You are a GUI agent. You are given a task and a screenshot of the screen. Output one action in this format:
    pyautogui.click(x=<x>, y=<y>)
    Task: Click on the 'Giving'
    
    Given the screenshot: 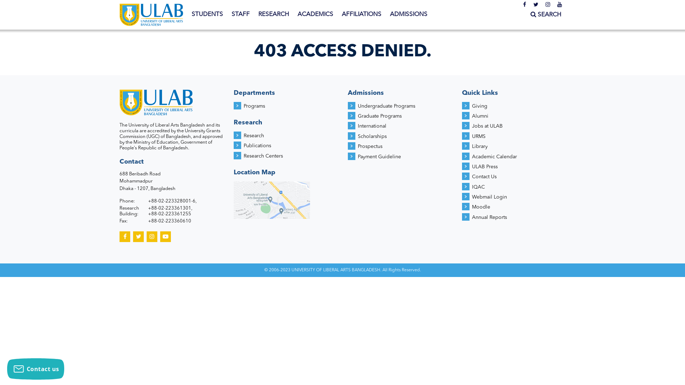 What is the action you would take?
    pyautogui.click(x=472, y=106)
    